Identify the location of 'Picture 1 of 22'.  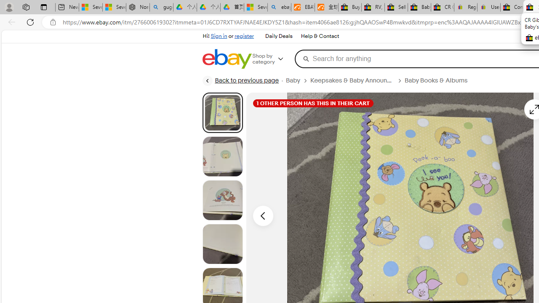
(222, 112).